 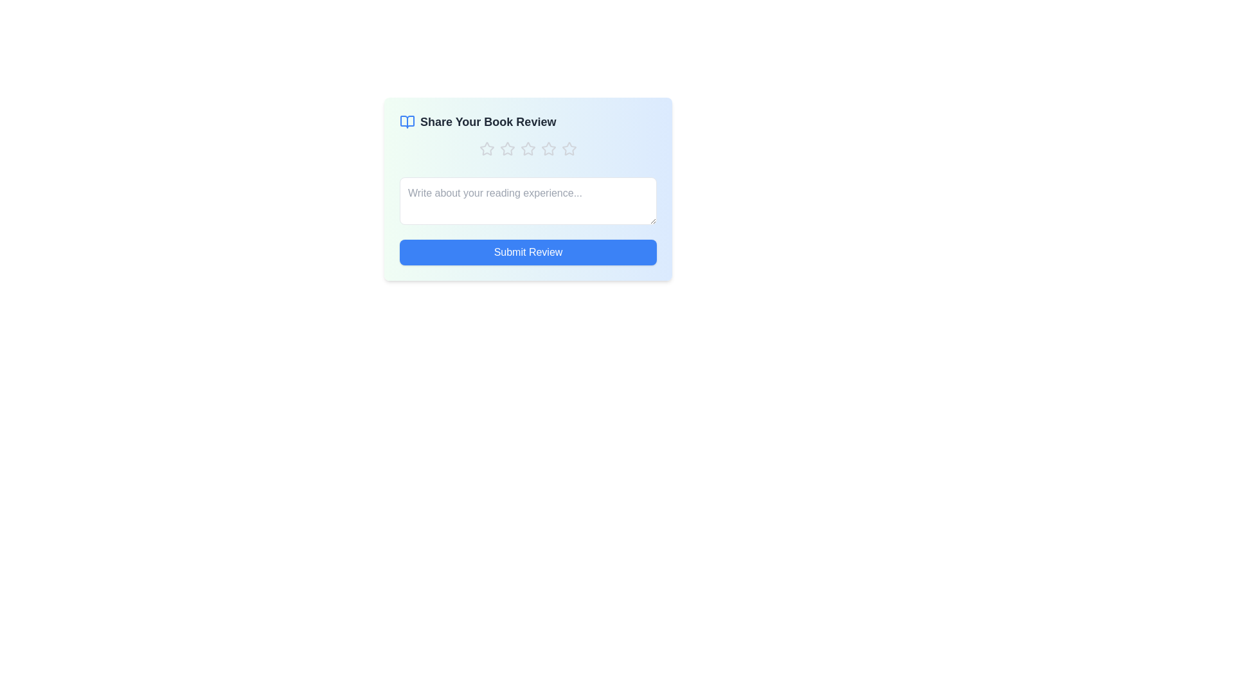 I want to click on the book rating to 2 stars by clicking on the corresponding star, so click(x=507, y=148).